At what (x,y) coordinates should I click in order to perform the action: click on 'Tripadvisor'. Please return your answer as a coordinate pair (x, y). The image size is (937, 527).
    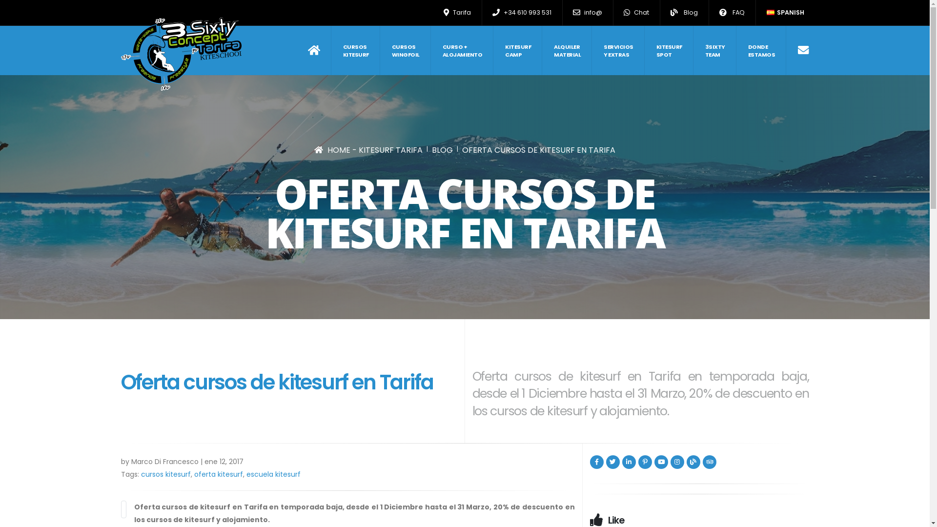
    Looking at the image, I should click on (710, 462).